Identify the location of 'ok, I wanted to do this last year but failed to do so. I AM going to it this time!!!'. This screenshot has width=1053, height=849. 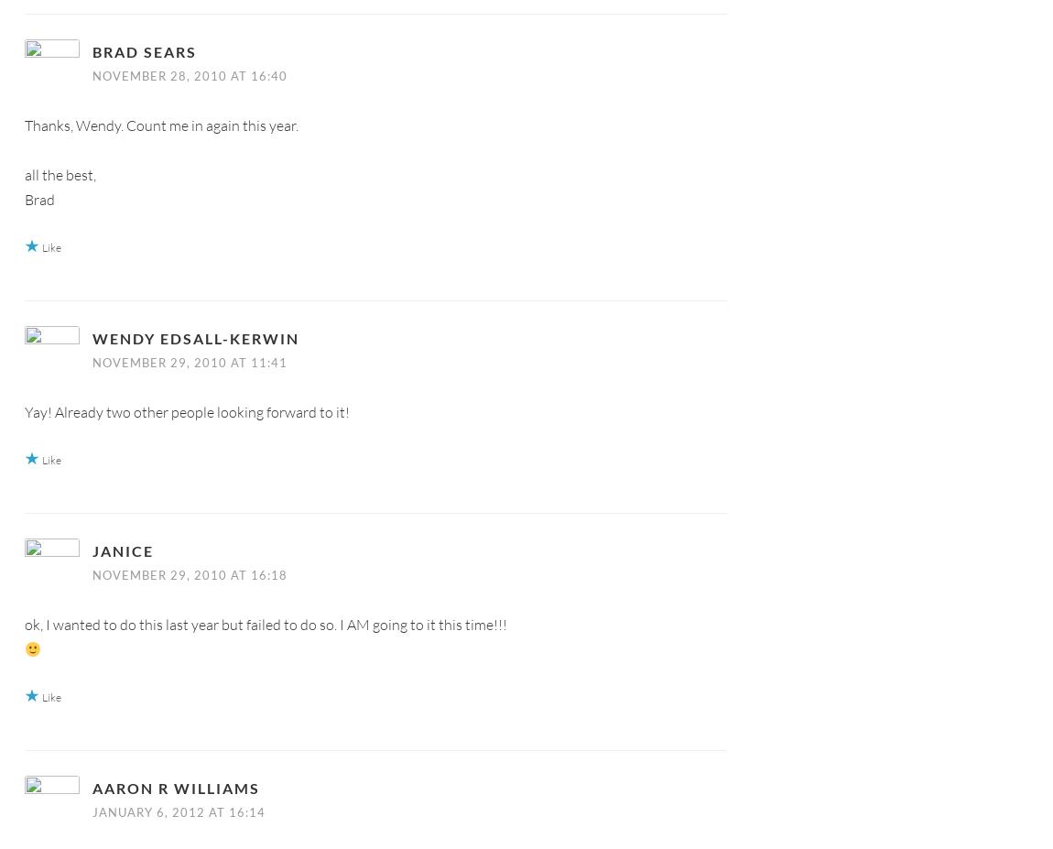
(266, 623).